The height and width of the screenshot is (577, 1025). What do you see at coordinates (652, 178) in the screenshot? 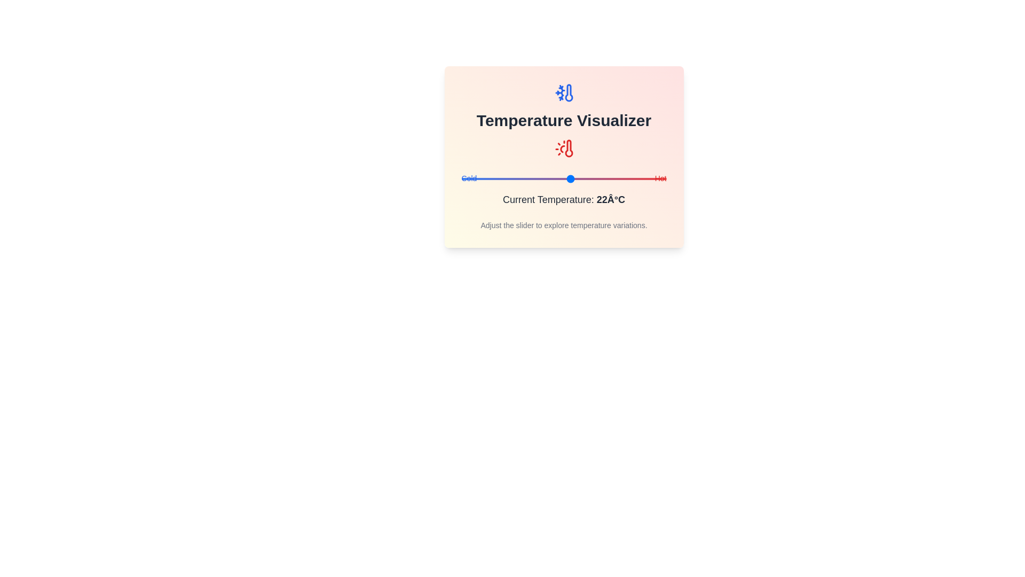
I see `the slider to set the temperature to 46°C` at bounding box center [652, 178].